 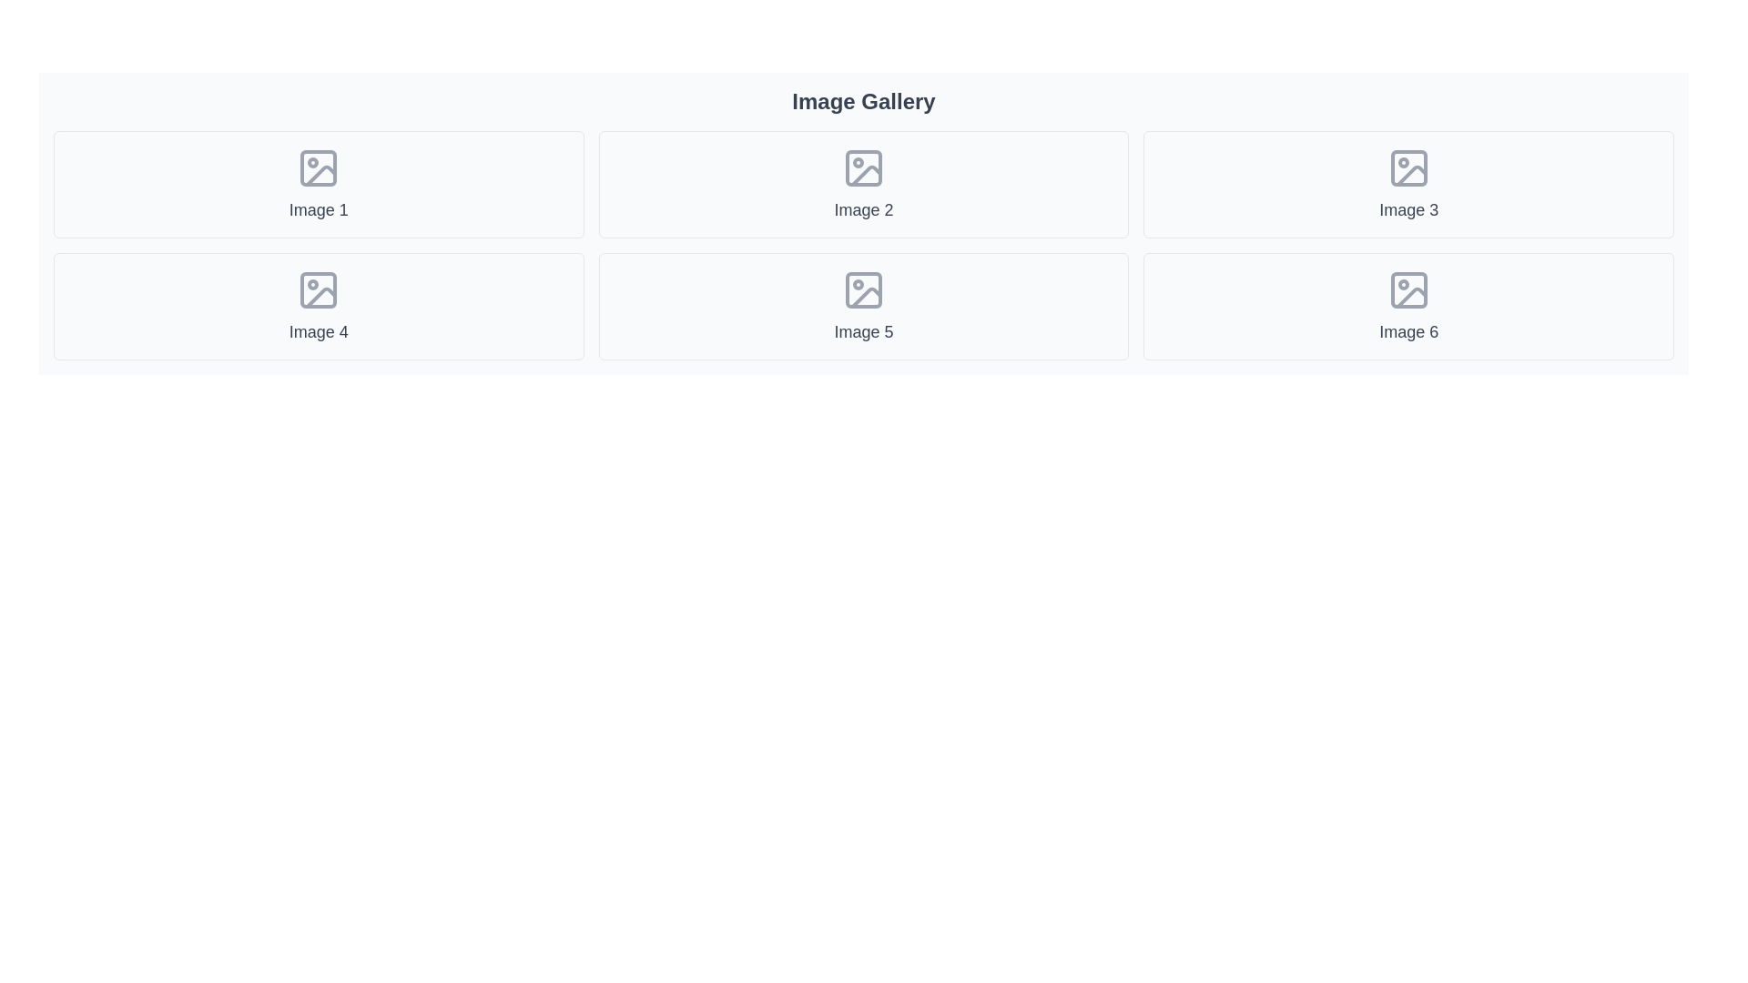 What do you see at coordinates (319, 185) in the screenshot?
I see `the Gallery item labeled 'Image 1' which contains a centered icon of an image outline` at bounding box center [319, 185].